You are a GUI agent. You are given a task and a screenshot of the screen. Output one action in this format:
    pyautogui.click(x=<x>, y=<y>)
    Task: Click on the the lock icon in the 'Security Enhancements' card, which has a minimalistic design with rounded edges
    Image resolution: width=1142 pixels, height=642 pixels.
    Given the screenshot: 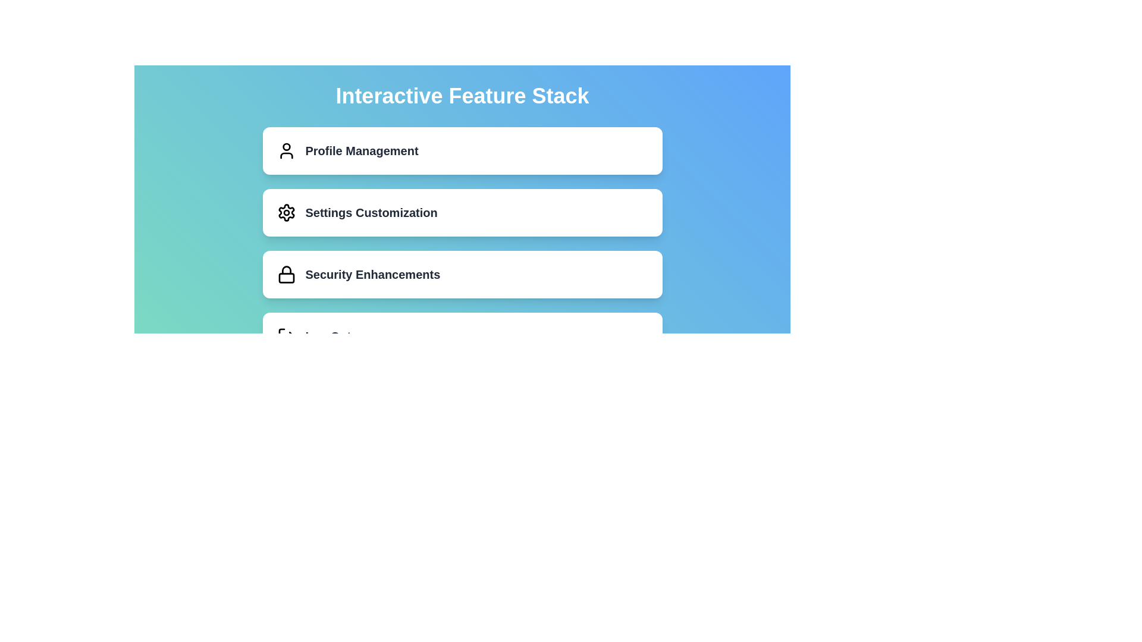 What is the action you would take?
    pyautogui.click(x=286, y=275)
    